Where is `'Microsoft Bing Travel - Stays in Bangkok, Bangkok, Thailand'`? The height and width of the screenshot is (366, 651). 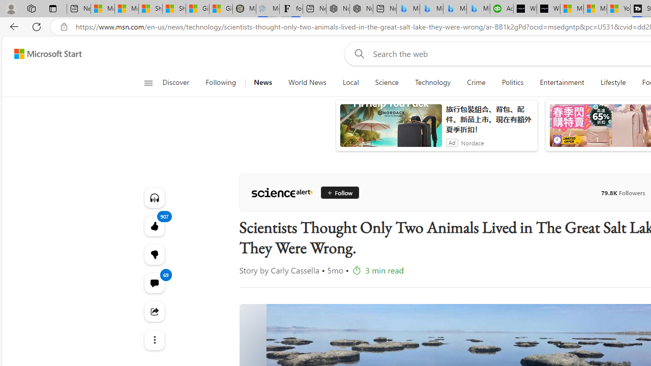
'Microsoft Bing Travel - Stays in Bangkok, Bangkok, Thailand' is located at coordinates (431, 9).